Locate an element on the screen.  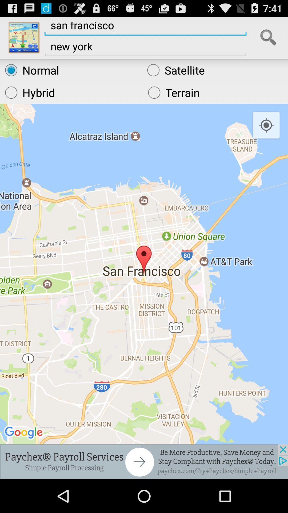
the location_crosshair icon is located at coordinates (266, 134).